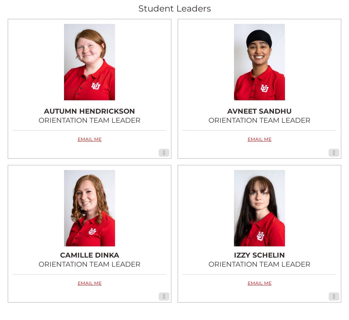  I want to click on 'AVNEET SANDHU', so click(259, 111).